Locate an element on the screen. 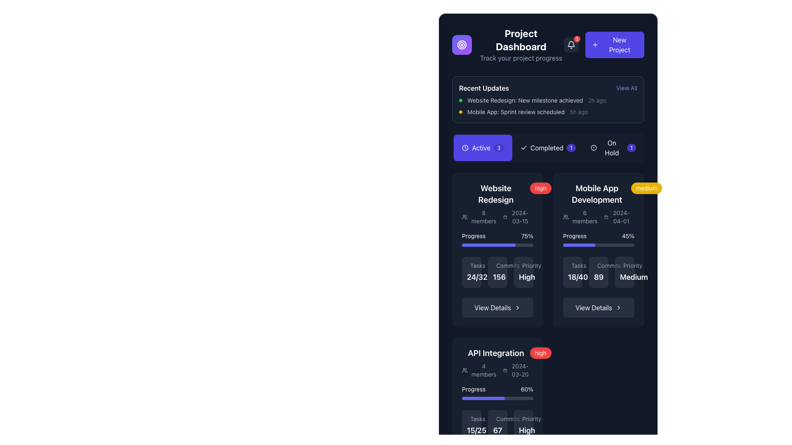 This screenshot has height=445, width=792. the filled segment of the progress bar indicating 45% completion for the 'Mobile App Development' task is located at coordinates (578, 244).